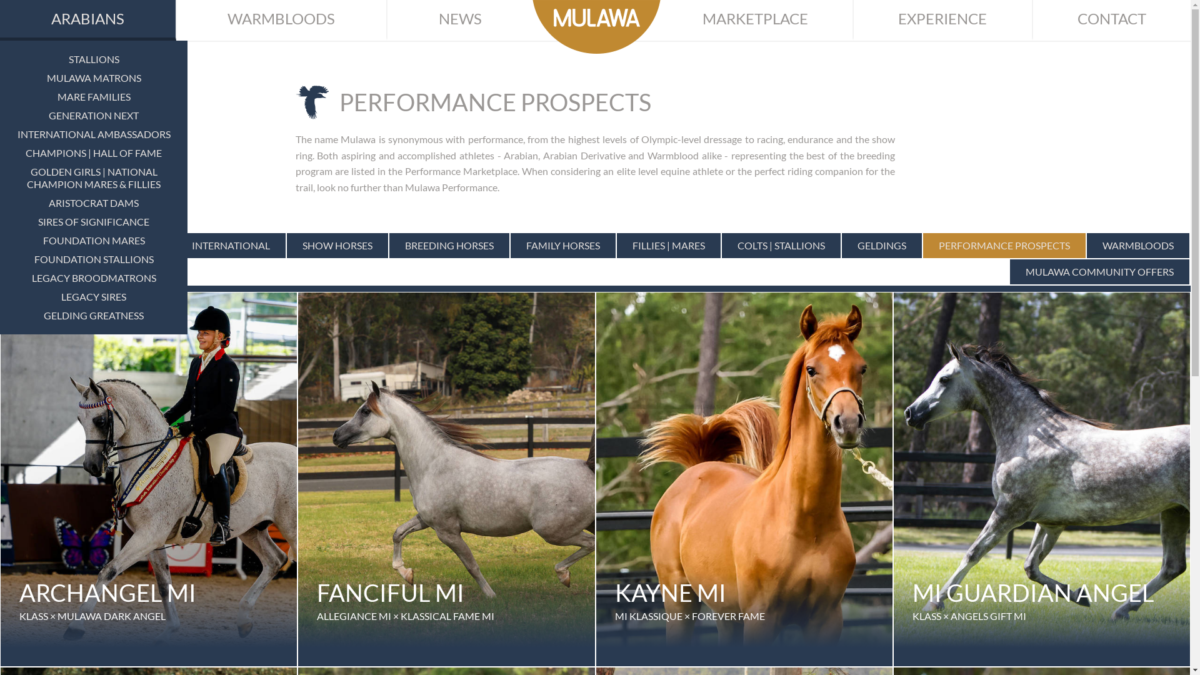  I want to click on 'MULAWA COMMUNITY OFFERS', so click(1099, 271).